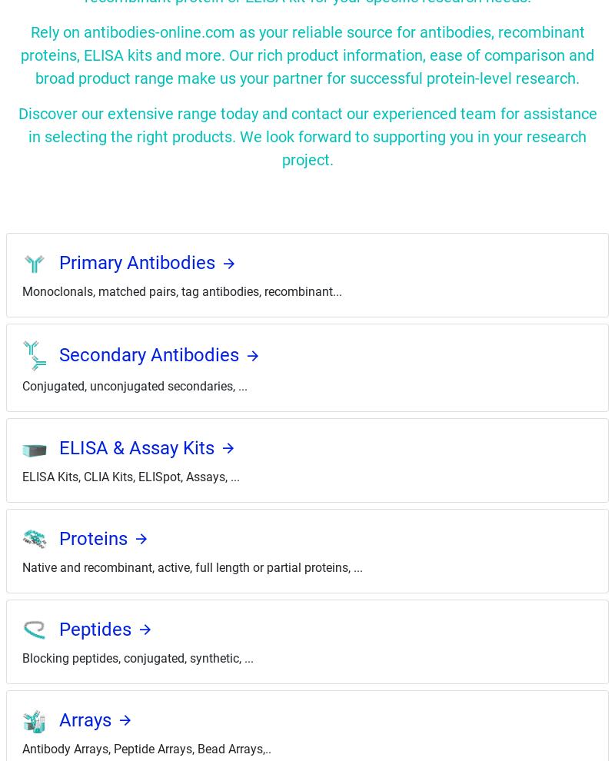  What do you see at coordinates (181, 291) in the screenshot?
I see `'Monoclonals, matched pairs, tag antibodies, recombinant...'` at bounding box center [181, 291].